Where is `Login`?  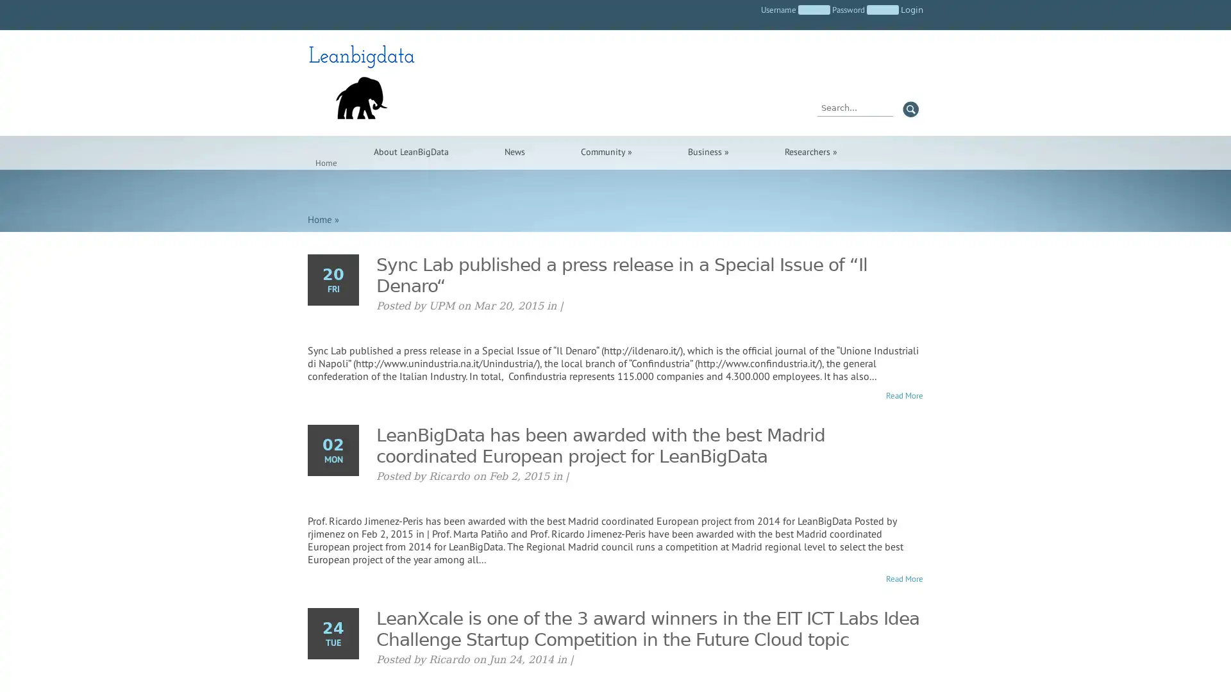
Login is located at coordinates (911, 10).